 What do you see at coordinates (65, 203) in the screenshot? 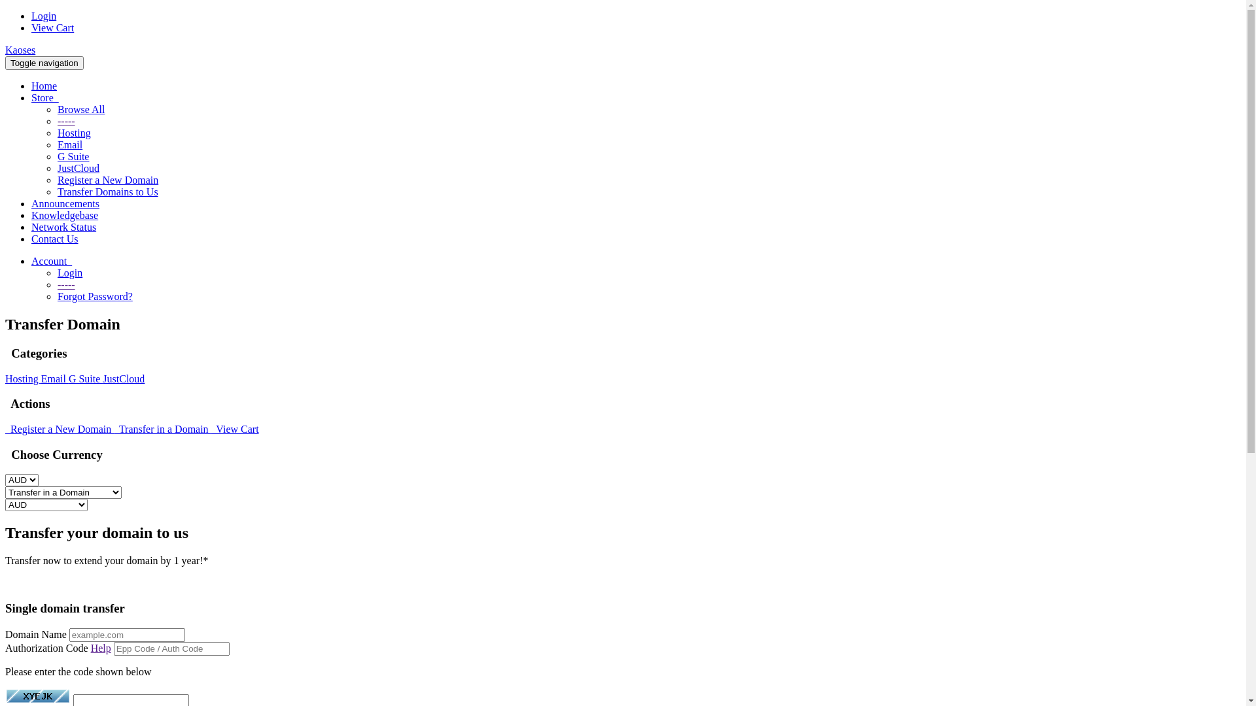
I see `'Announcements'` at bounding box center [65, 203].